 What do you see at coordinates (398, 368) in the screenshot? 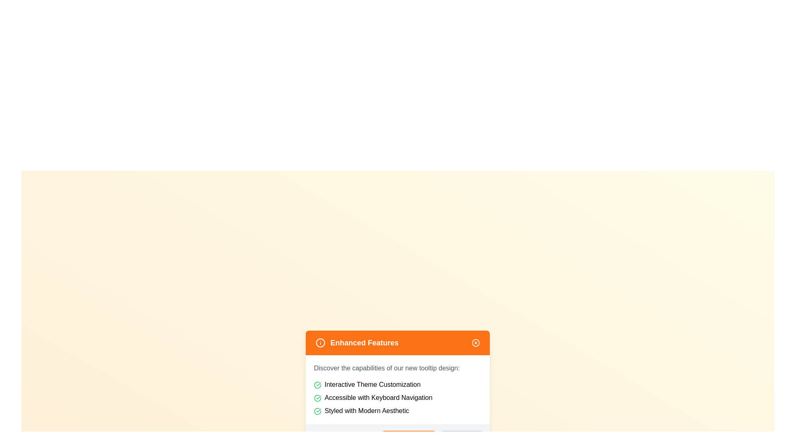
I see `the static text element displaying 'Discover the capabilities of our new tooltip design:', which is positioned above a list of features and below the 'Enhanced Features' header` at bounding box center [398, 368].